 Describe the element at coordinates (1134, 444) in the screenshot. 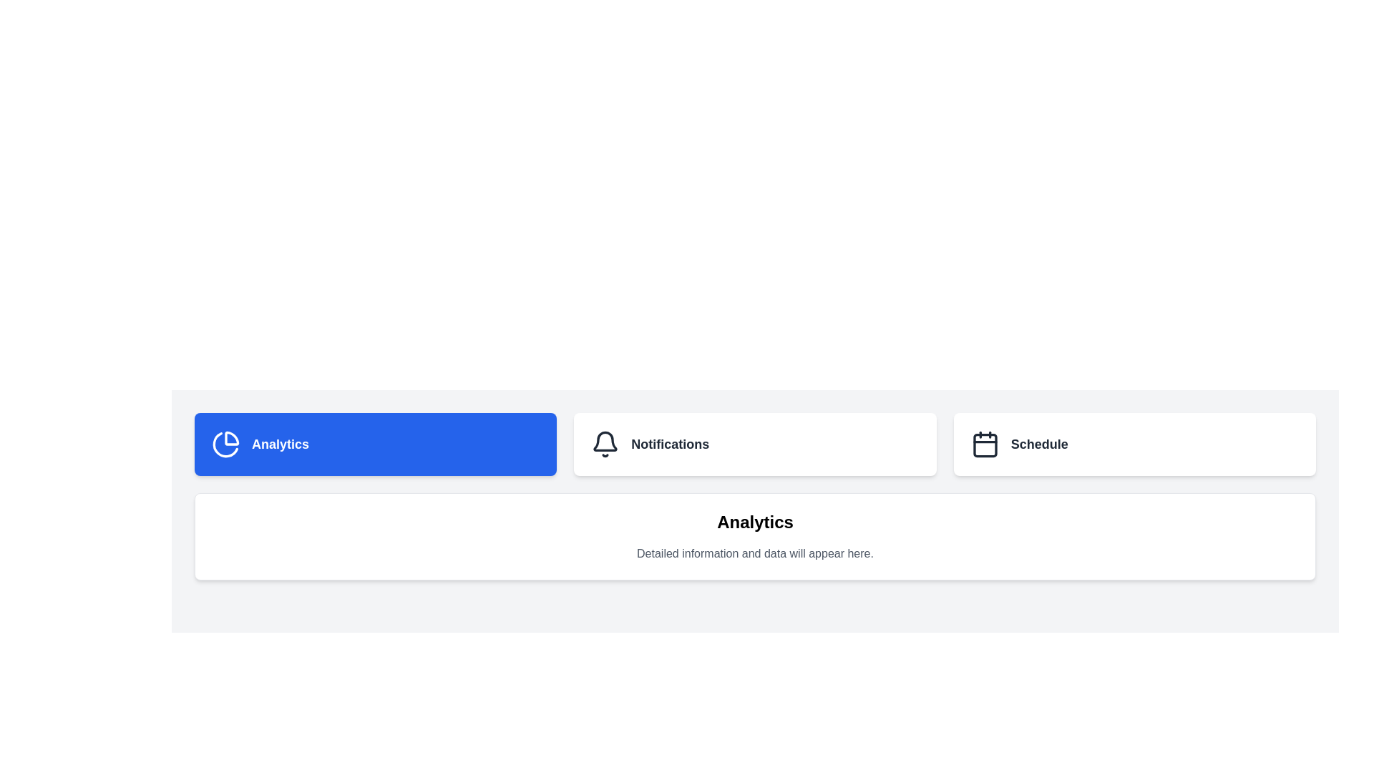

I see `the rightmost button in a row of three buttons, which accesses scheduling functionalities` at that location.